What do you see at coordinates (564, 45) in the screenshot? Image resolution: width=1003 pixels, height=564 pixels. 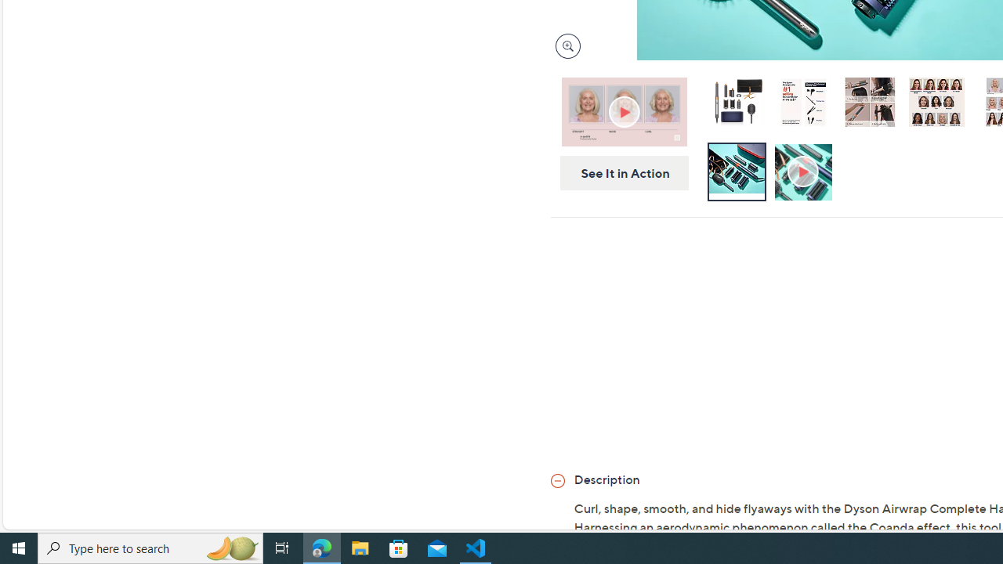 I see `'Zoom product image, opens image gallery dialog'` at bounding box center [564, 45].